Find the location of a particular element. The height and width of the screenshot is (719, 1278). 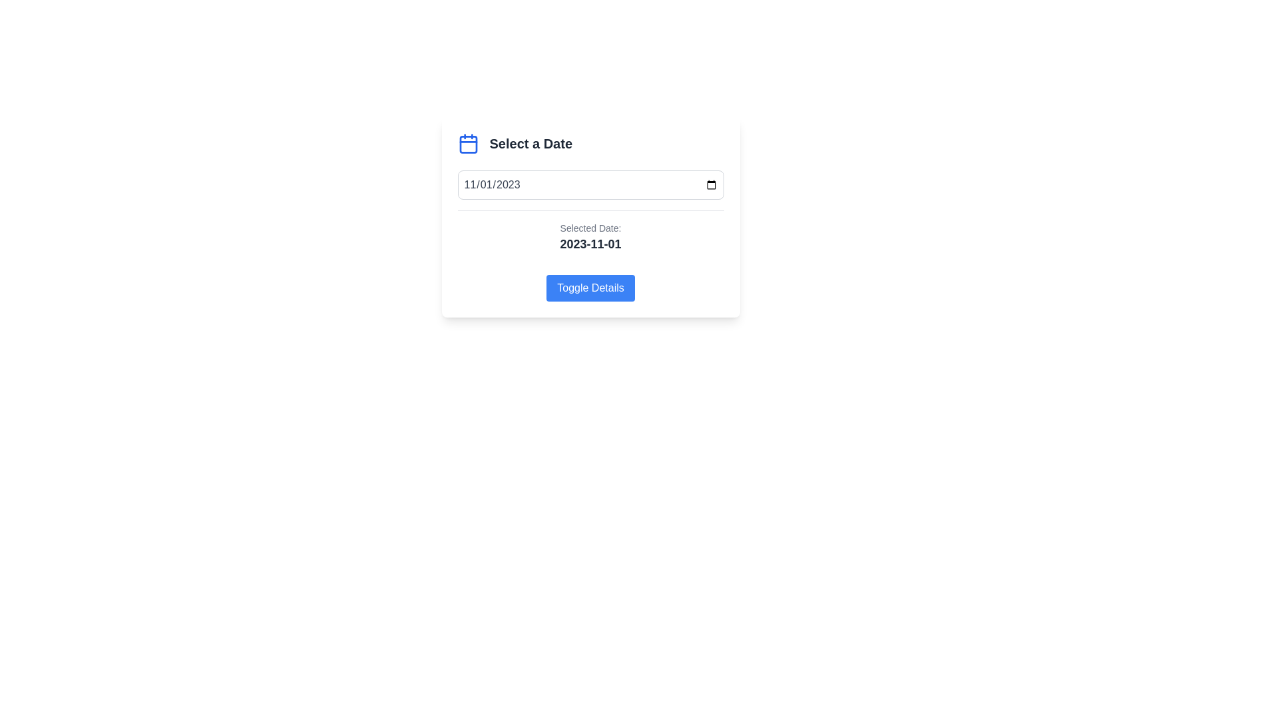

the blue calendar icon with a square outline and tabs, located to the left of the 'Select a Date' header is located at coordinates (468, 144).